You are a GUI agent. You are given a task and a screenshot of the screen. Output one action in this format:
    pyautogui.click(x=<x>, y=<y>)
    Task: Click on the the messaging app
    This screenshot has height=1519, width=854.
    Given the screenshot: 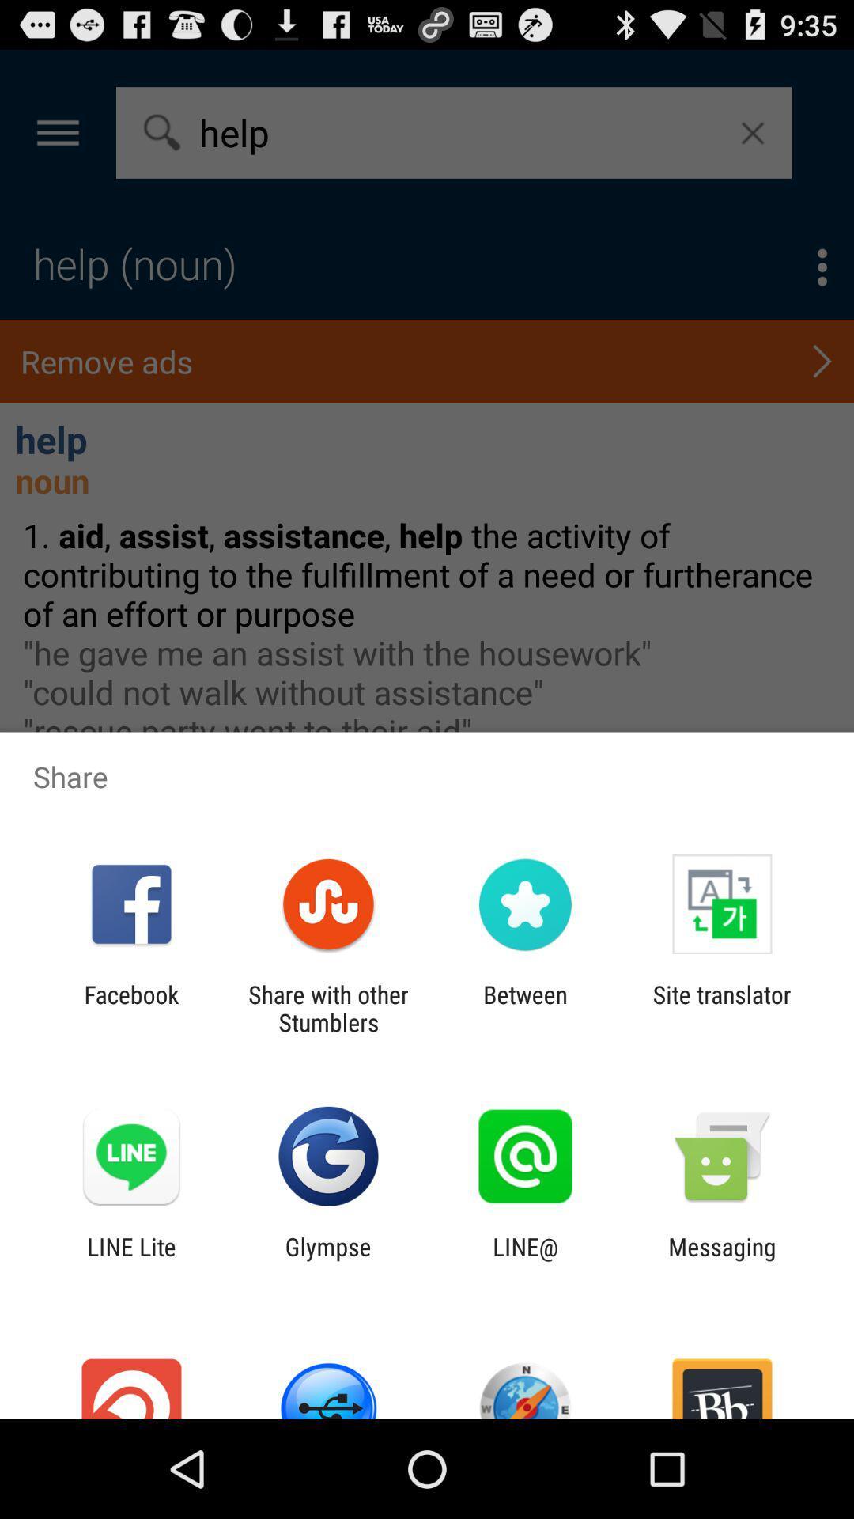 What is the action you would take?
    pyautogui.click(x=722, y=1260)
    